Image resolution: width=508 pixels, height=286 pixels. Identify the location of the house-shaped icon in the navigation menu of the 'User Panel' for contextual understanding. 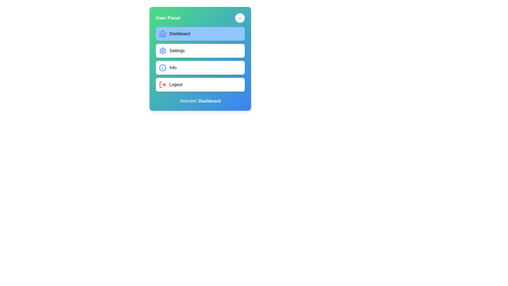
(162, 34).